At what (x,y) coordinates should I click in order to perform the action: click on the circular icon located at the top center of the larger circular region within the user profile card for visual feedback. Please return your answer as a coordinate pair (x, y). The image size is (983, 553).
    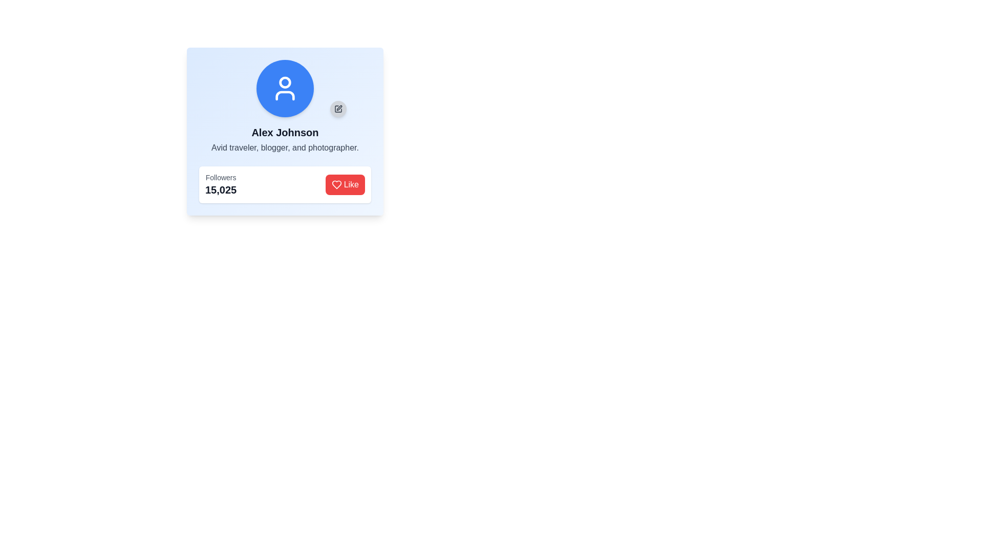
    Looking at the image, I should click on (285, 82).